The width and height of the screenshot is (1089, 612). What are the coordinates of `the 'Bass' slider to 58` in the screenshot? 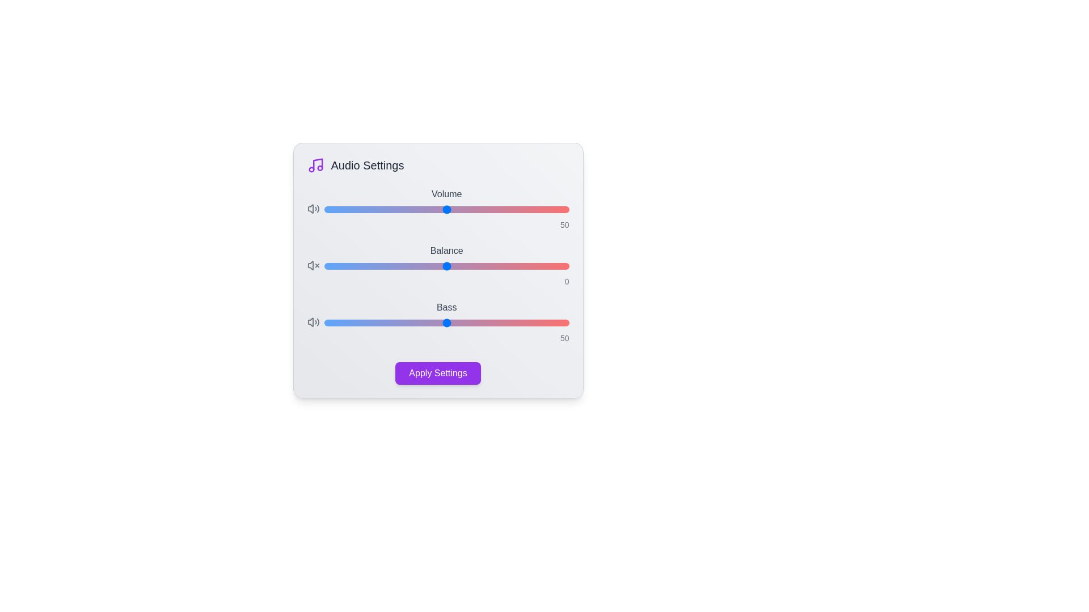 It's located at (466, 323).